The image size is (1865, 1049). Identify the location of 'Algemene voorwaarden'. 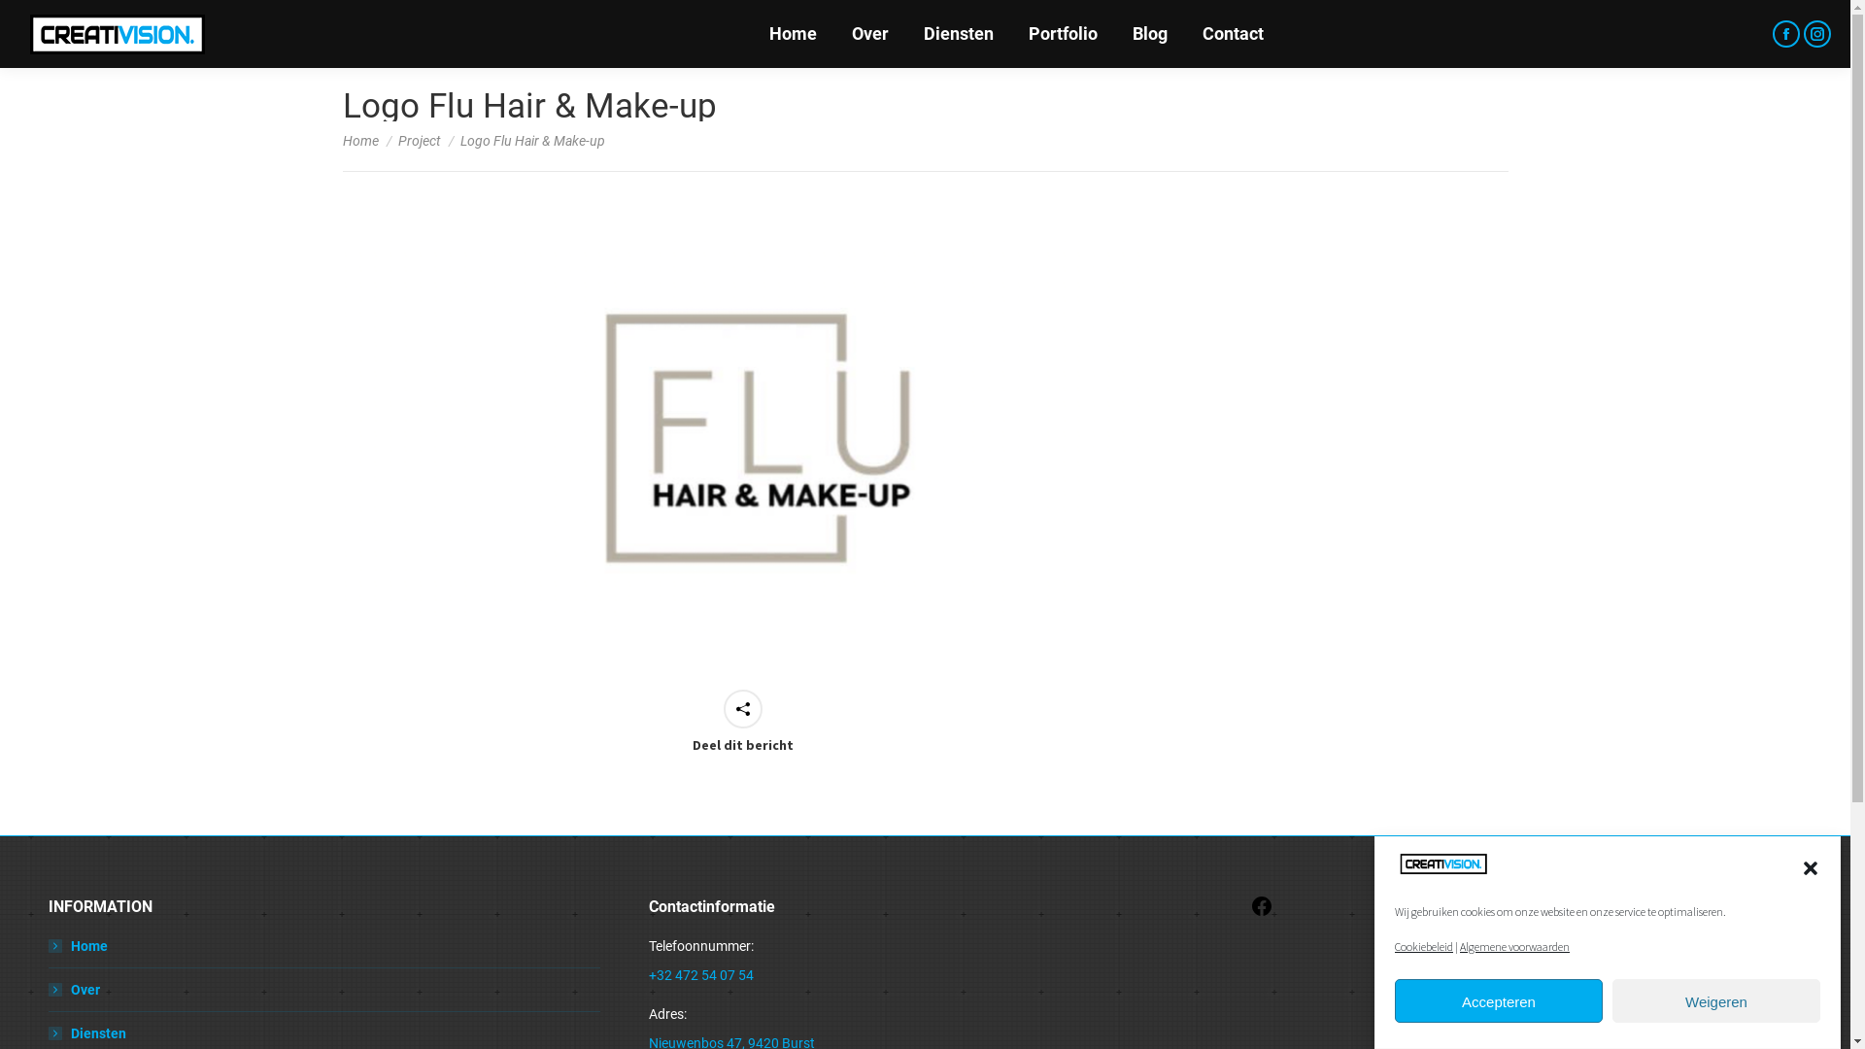
(1513, 945).